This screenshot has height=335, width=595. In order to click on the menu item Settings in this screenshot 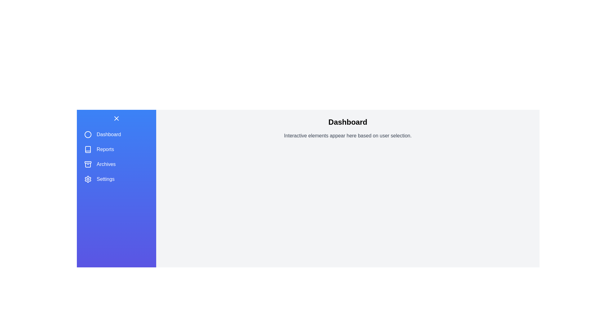, I will do `click(116, 179)`.